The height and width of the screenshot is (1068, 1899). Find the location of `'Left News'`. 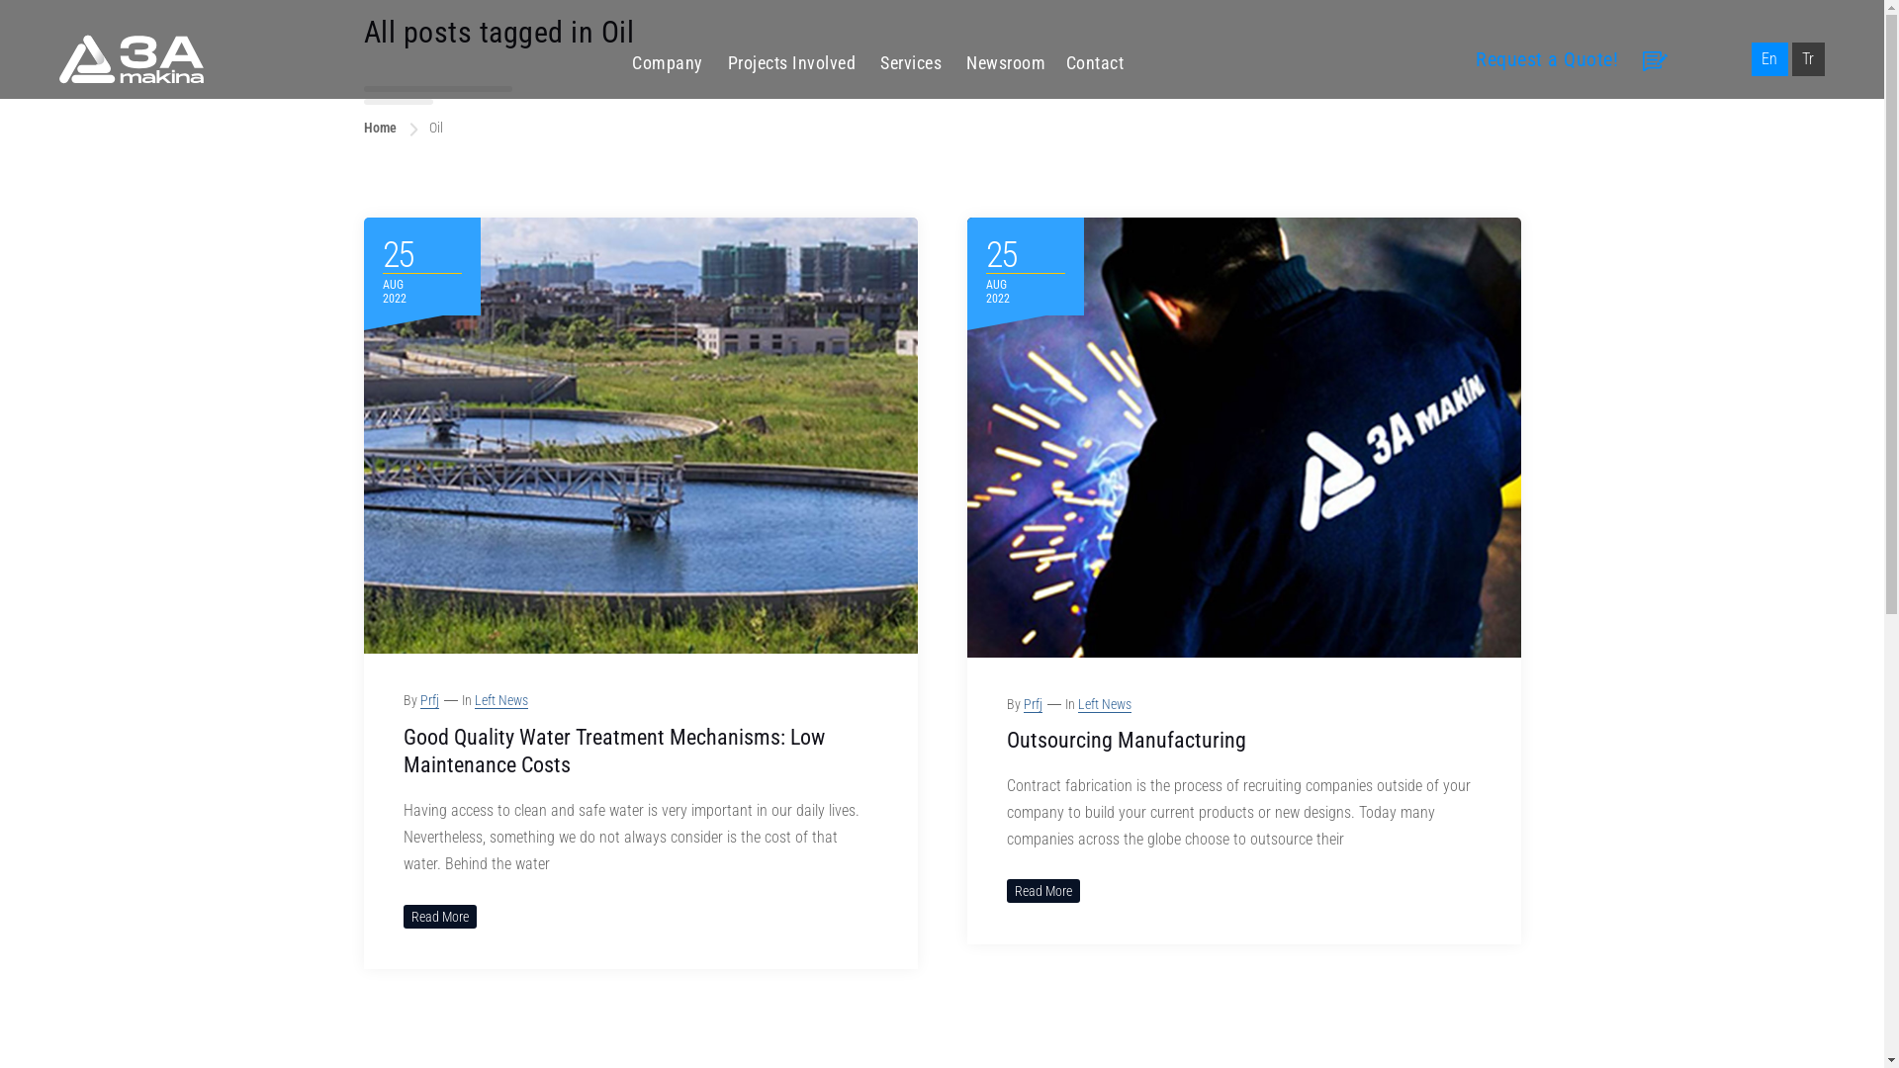

'Left News' is located at coordinates (501, 699).